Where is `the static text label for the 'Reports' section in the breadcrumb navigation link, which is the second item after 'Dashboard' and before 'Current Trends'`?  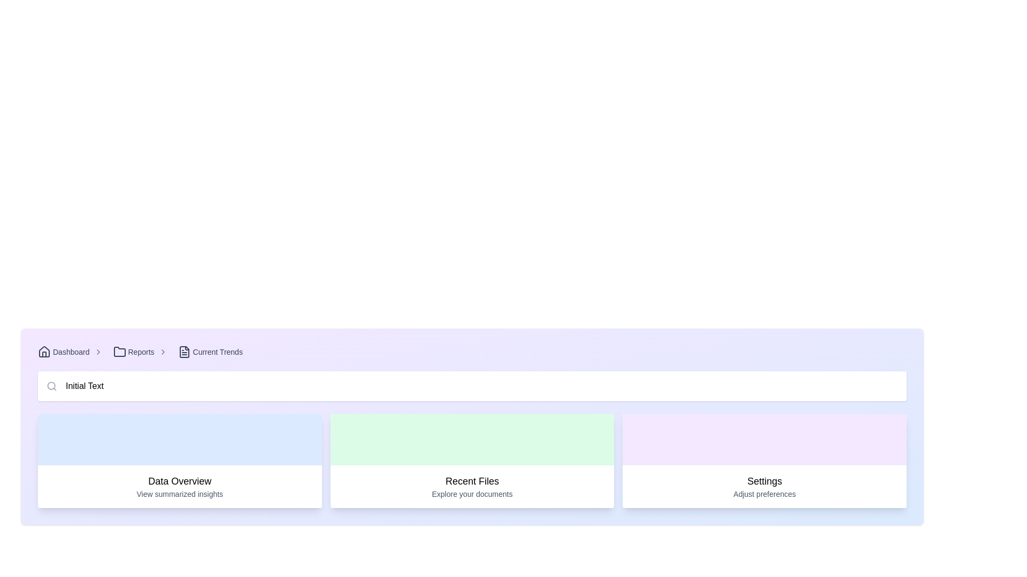
the static text label for the 'Reports' section in the breadcrumb navigation link, which is the second item after 'Dashboard' and before 'Current Trends' is located at coordinates (141, 352).